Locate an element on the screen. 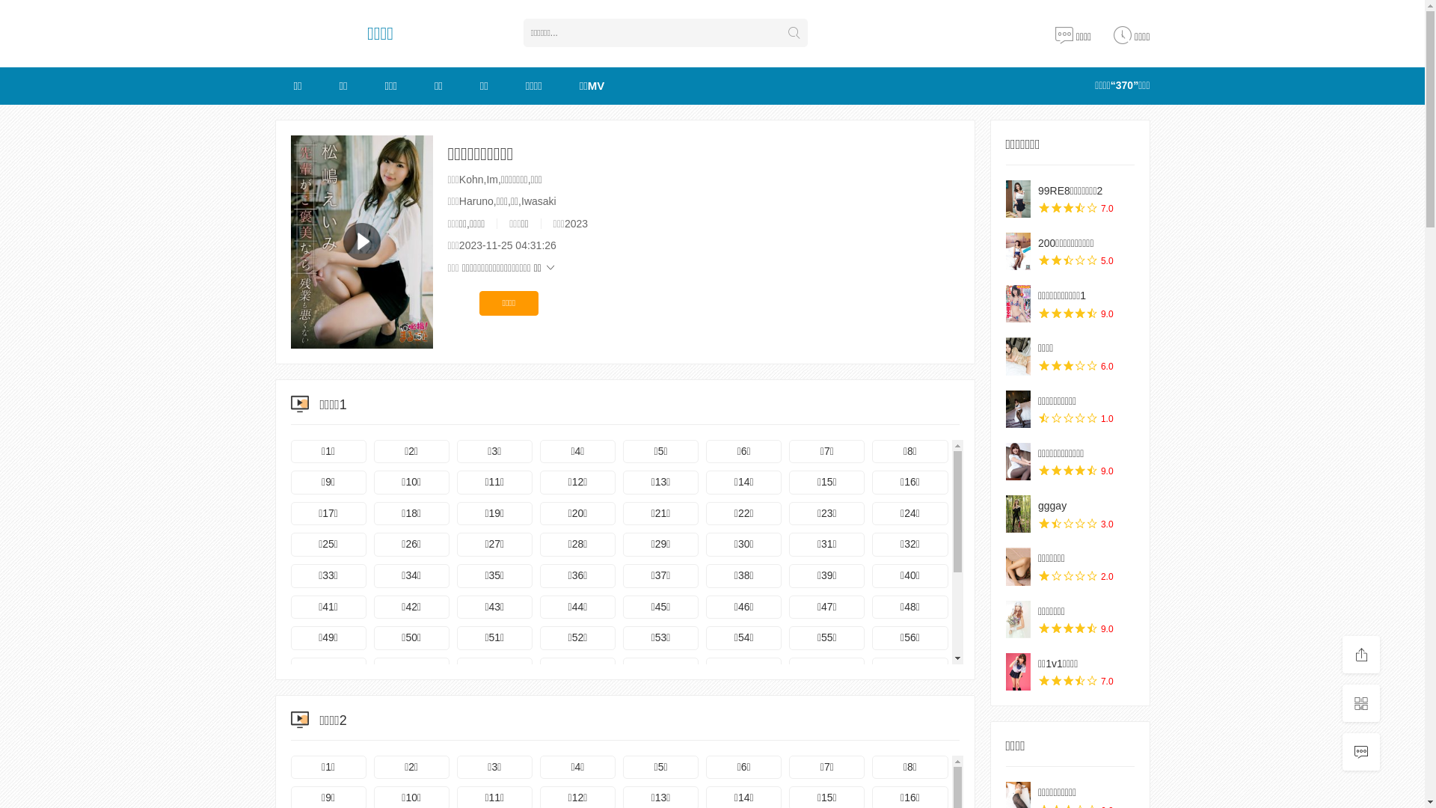  'gggay' is located at coordinates (1005, 512).